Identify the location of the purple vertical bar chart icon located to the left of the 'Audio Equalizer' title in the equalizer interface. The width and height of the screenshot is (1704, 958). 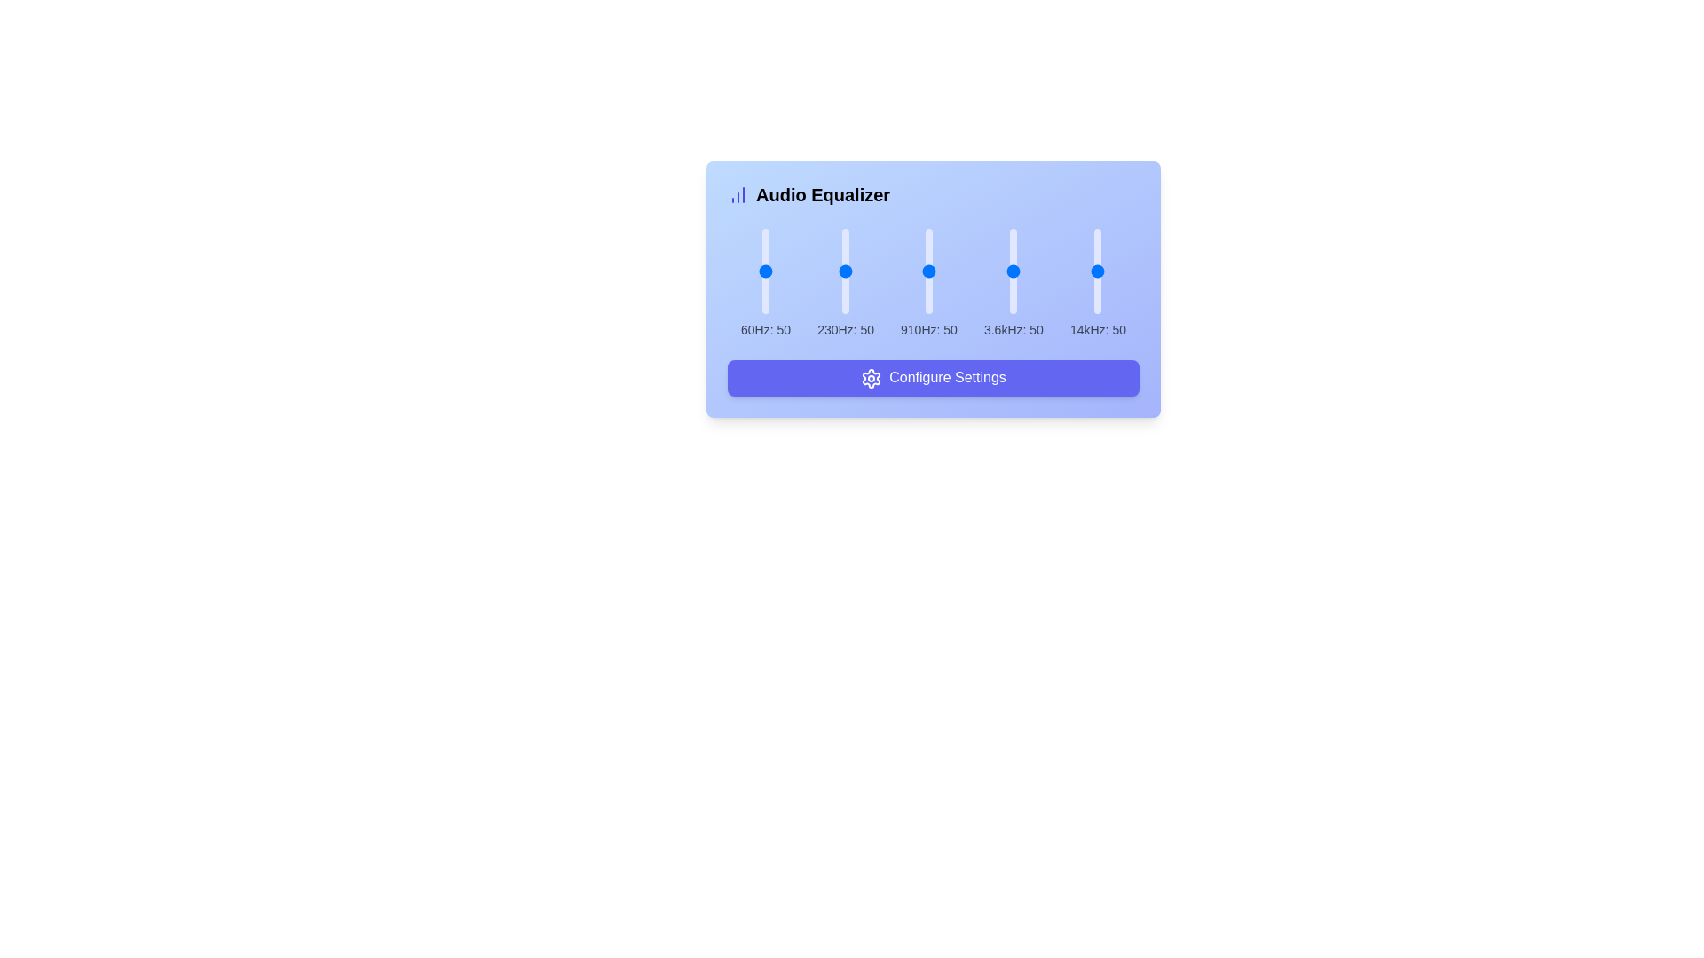
(738, 194).